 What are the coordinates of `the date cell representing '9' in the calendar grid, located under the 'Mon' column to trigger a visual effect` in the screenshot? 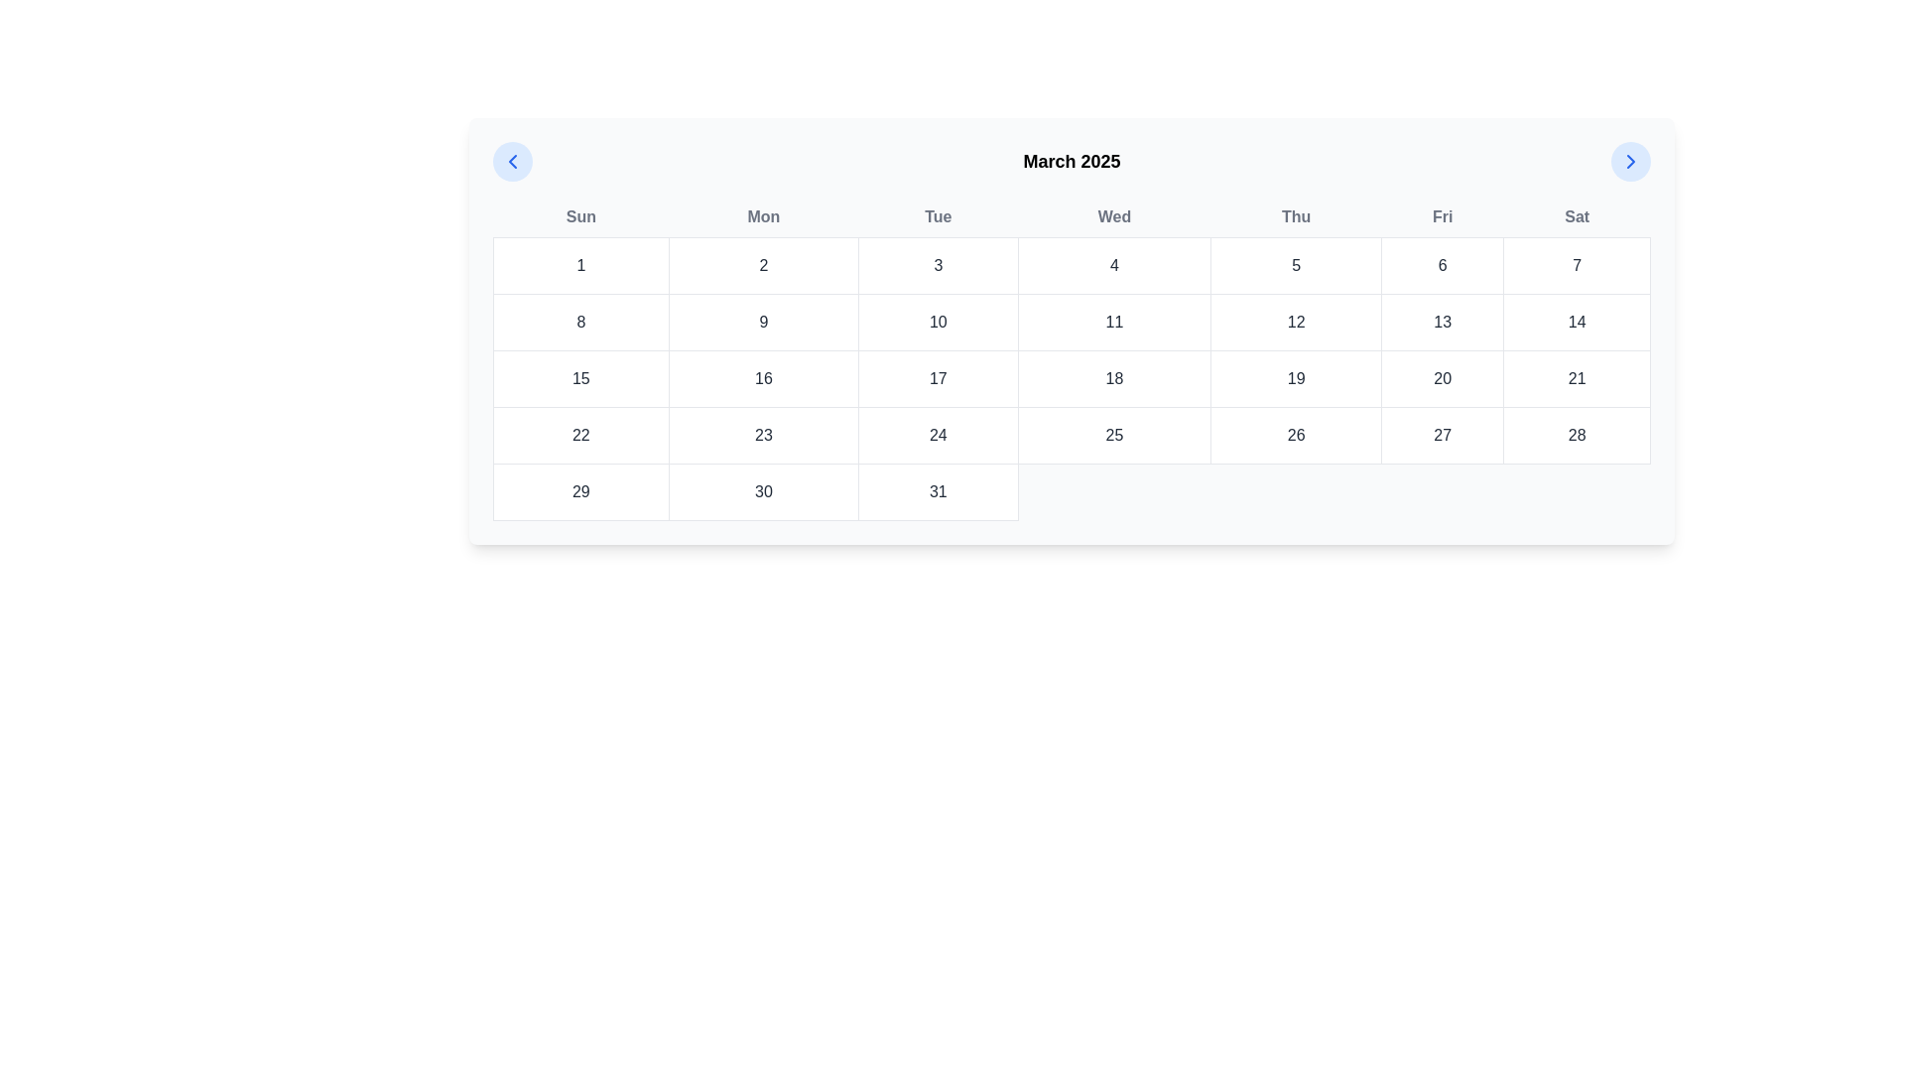 It's located at (762, 321).